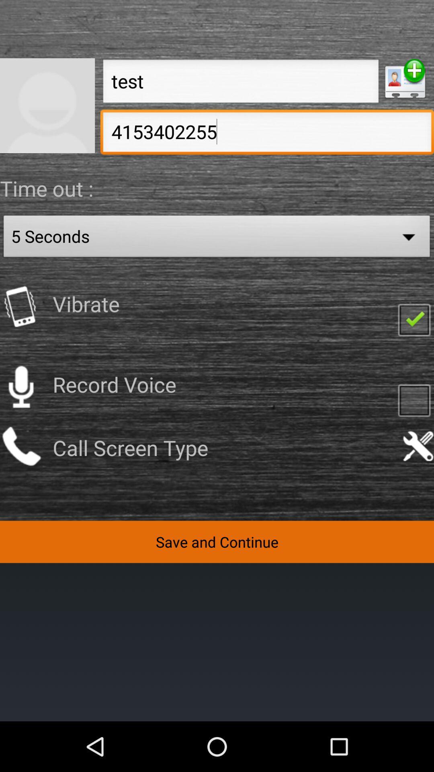  I want to click on a new profile, so click(405, 79).